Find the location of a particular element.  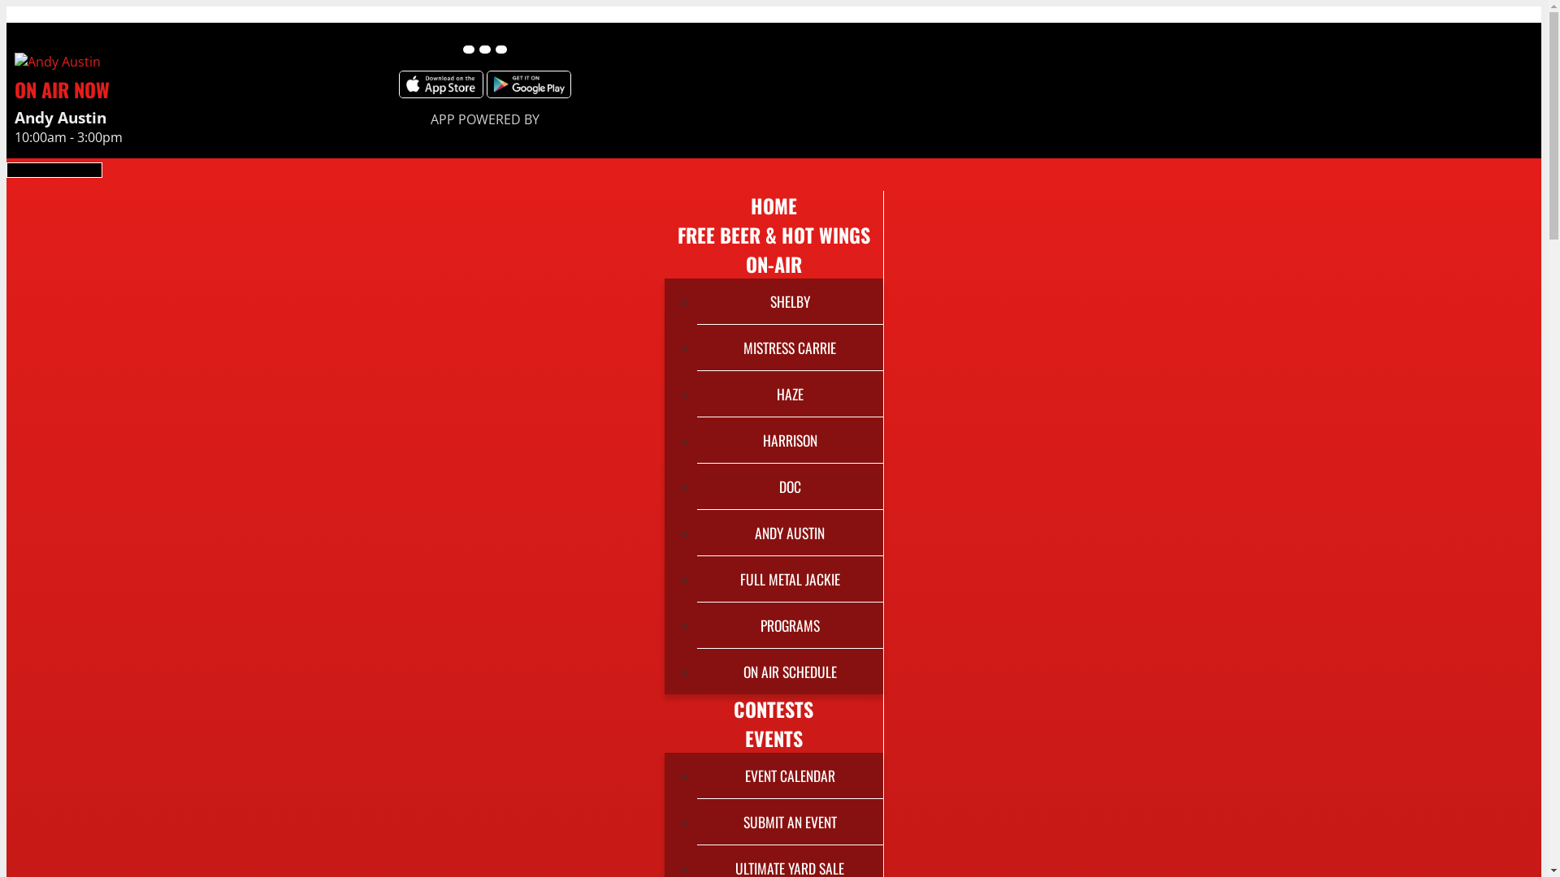

'DOC' is located at coordinates (697, 485).